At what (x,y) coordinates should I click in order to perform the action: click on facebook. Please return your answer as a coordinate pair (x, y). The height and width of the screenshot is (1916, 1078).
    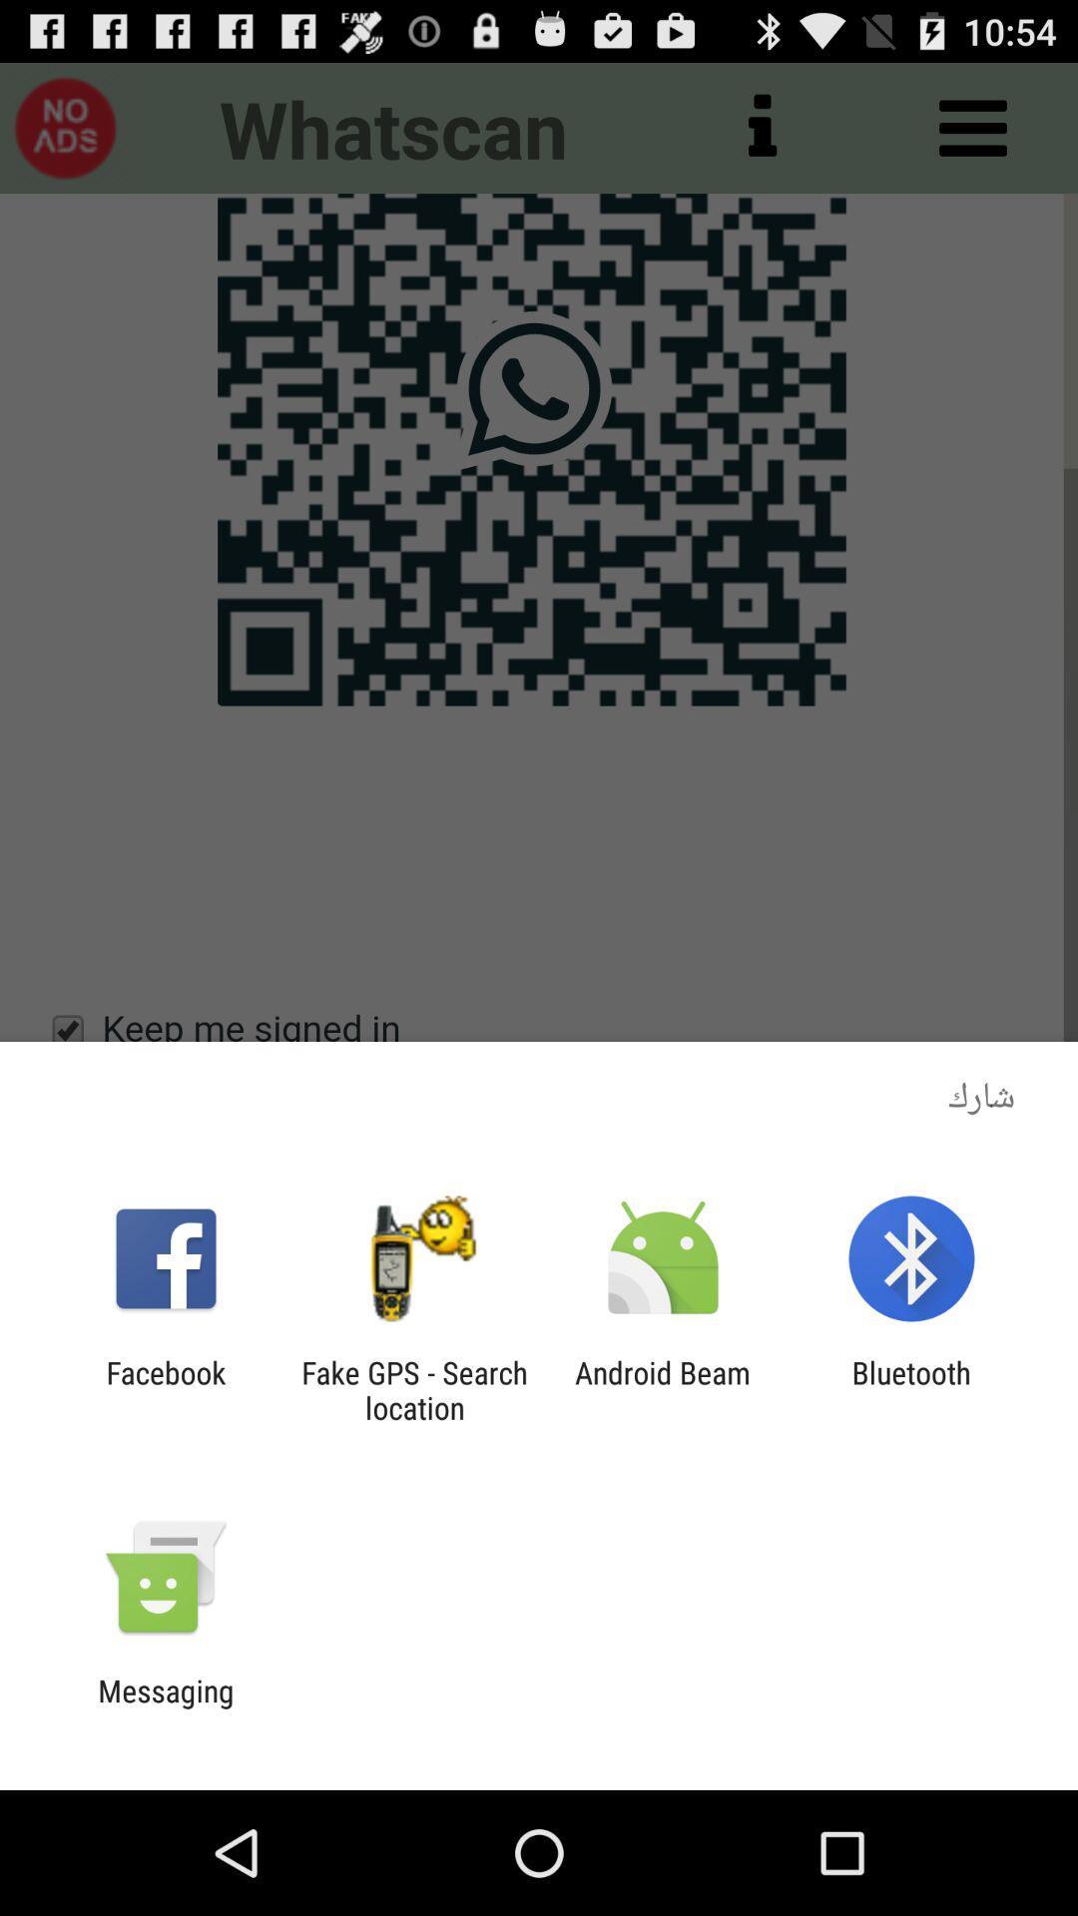
    Looking at the image, I should click on (165, 1389).